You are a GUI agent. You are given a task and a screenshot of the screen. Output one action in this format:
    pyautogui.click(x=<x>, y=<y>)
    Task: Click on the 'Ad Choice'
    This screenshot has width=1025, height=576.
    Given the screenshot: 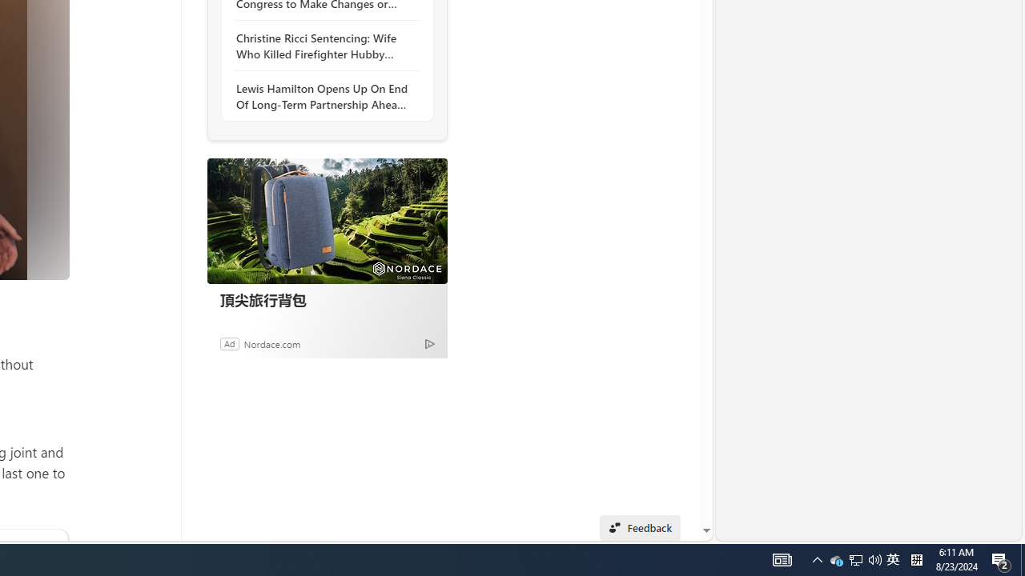 What is the action you would take?
    pyautogui.click(x=429, y=342)
    